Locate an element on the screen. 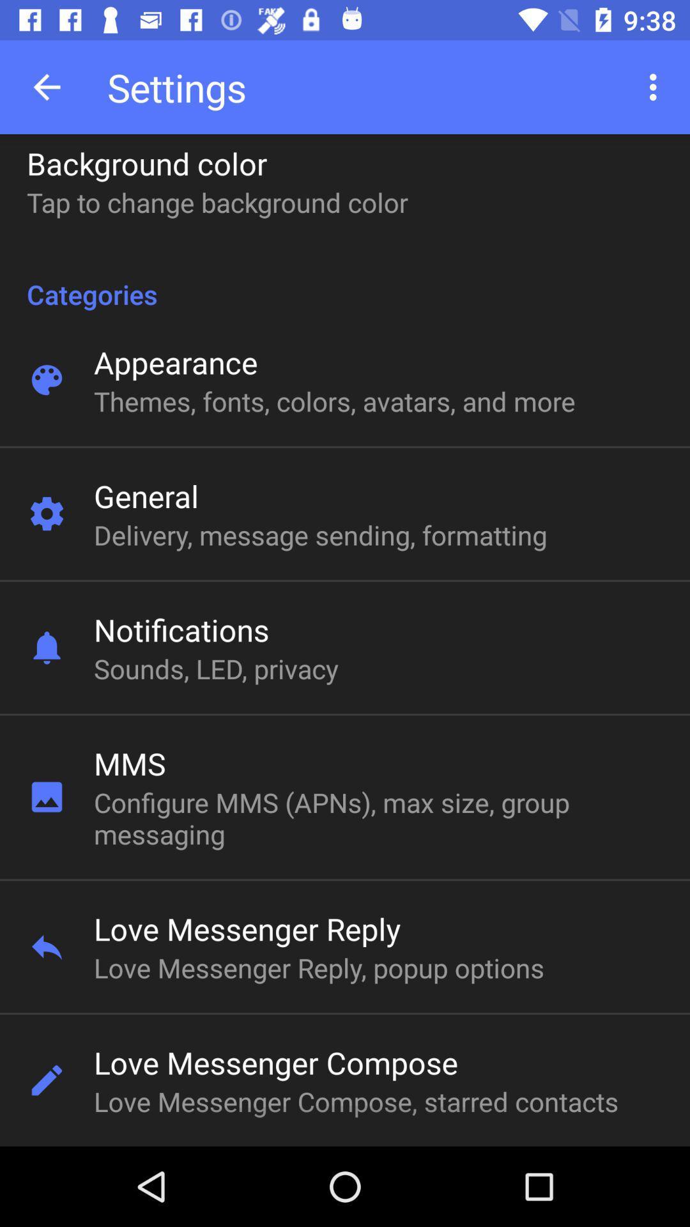 Image resolution: width=690 pixels, height=1227 pixels. the configure mms apns icon is located at coordinates (334, 818).